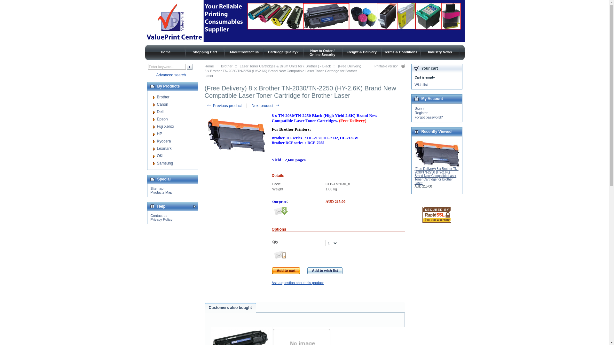 This screenshot has height=345, width=614. What do you see at coordinates (420, 108) in the screenshot?
I see `'Sign in'` at bounding box center [420, 108].